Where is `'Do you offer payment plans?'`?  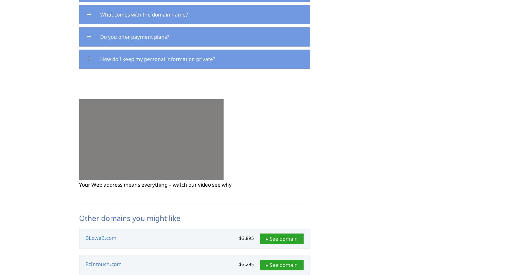 'Do you offer payment plans?' is located at coordinates (134, 37).